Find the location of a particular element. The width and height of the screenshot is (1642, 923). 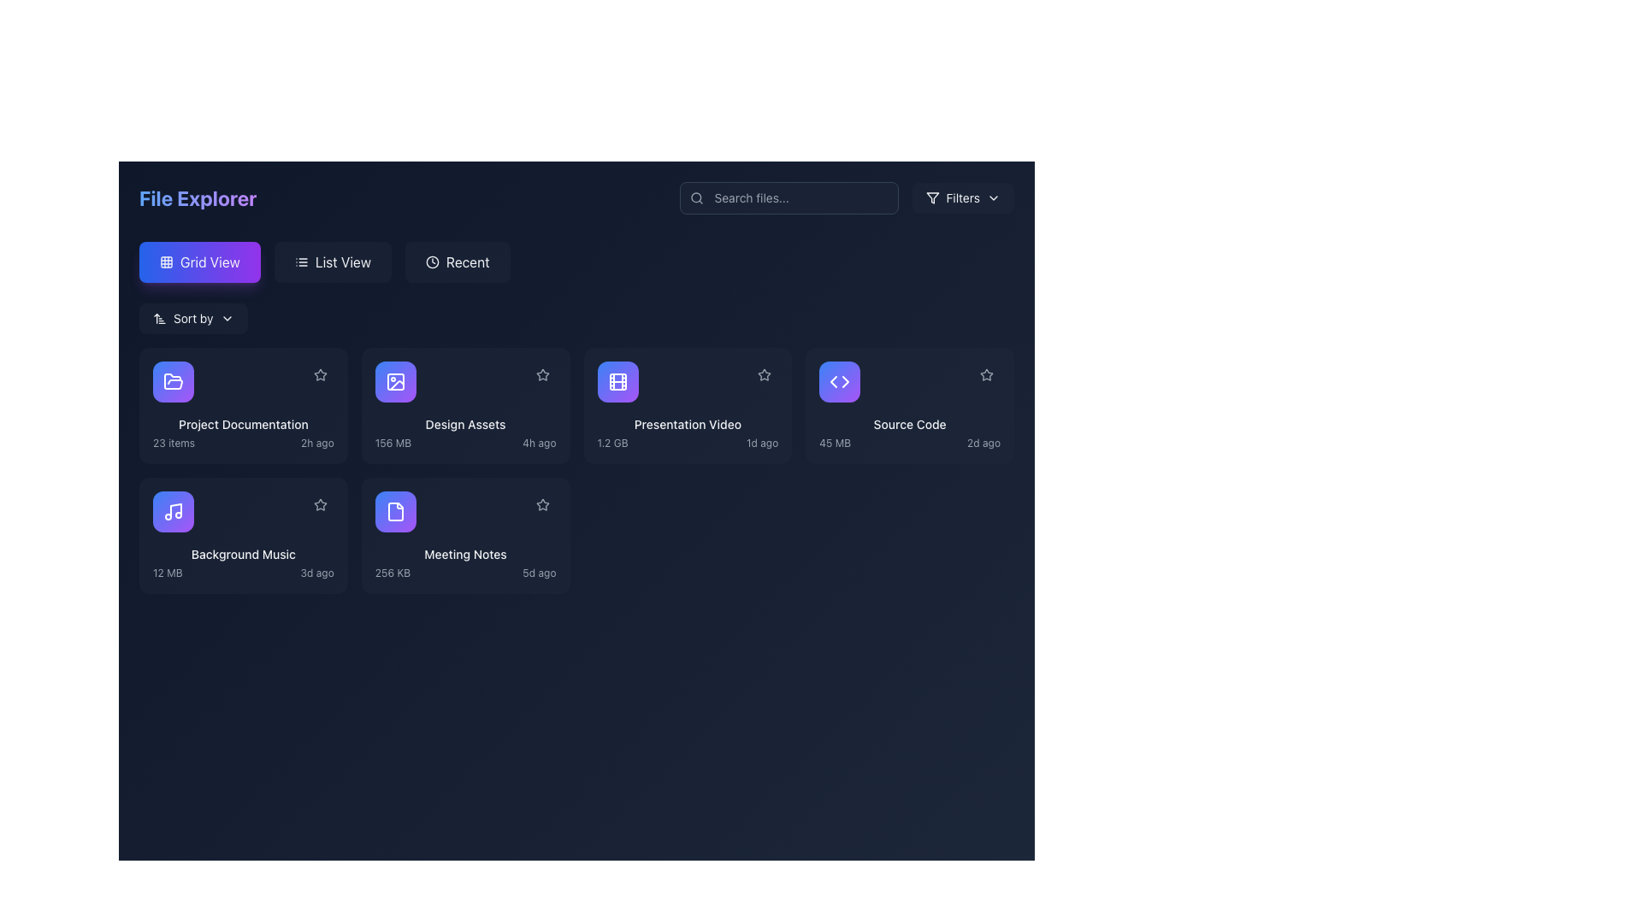

the text label displaying the file size '45 MB' located in the 'Source Code' card on the top right of the grid in the File Explorer interface is located at coordinates (835, 443).